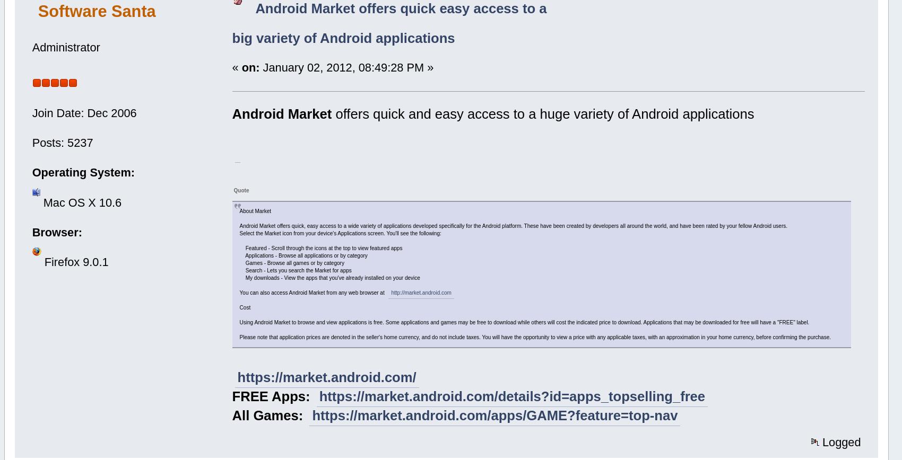 The image size is (902, 460). Describe the element at coordinates (839, 442) in the screenshot. I see `'Logged'` at that location.